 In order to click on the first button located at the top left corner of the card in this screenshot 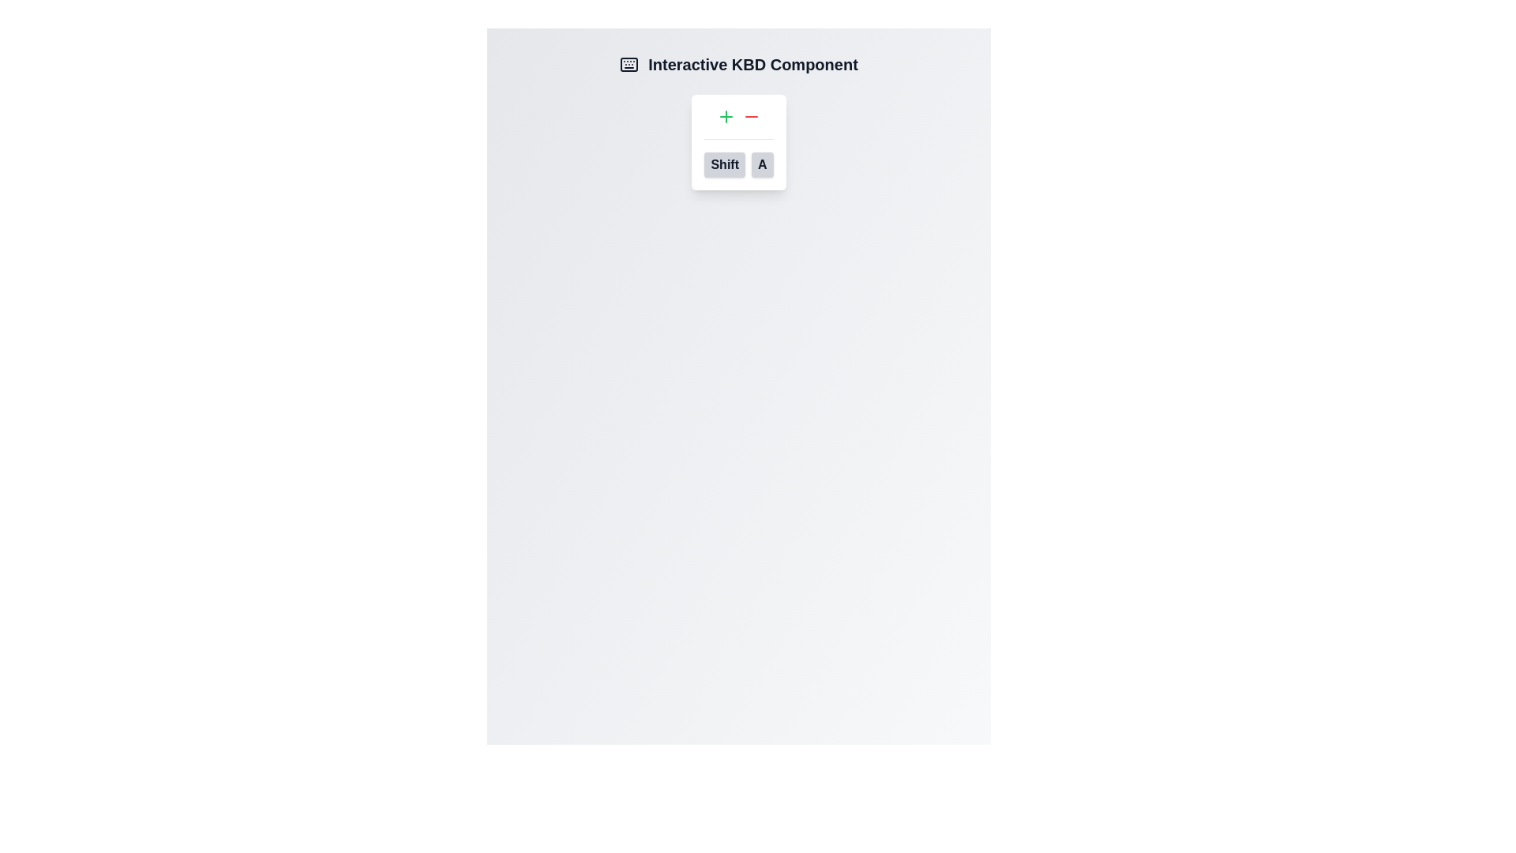, I will do `click(726, 115)`.